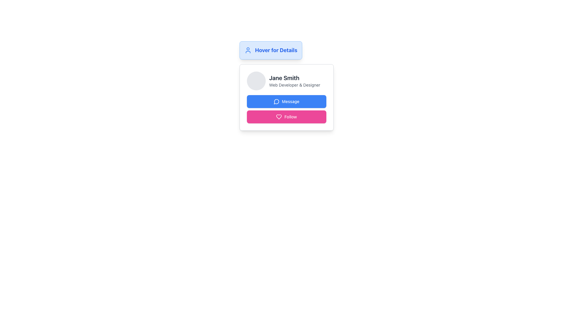 The width and height of the screenshot is (565, 318). I want to click on the rectangular blue button labeled 'Message' with a speech bubble icon, so click(286, 101).